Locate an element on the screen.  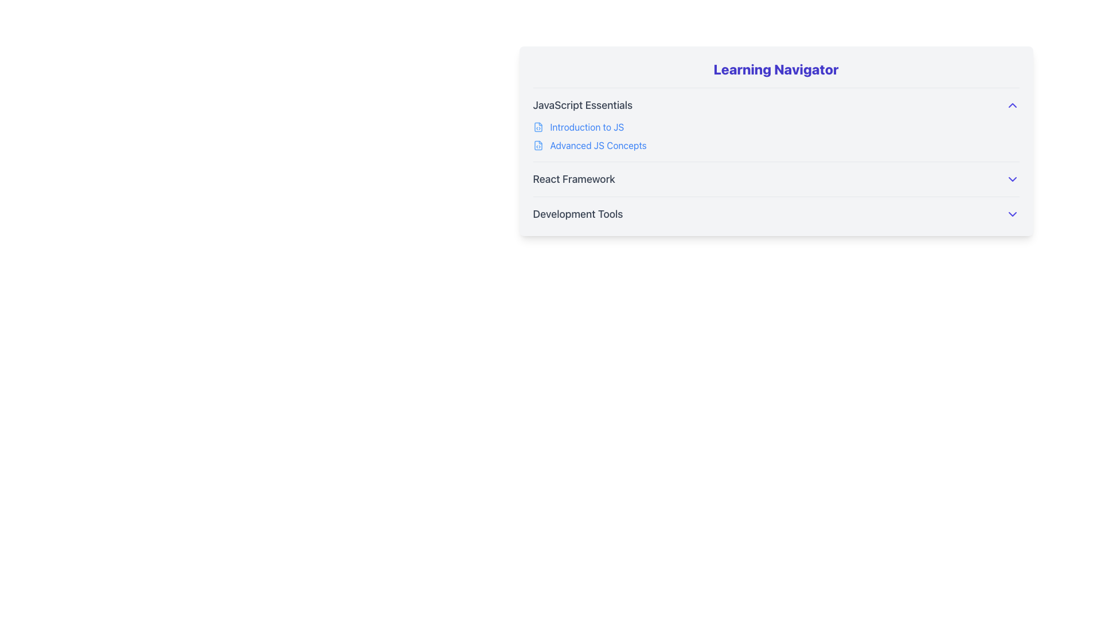
the first hyperlink in the 'JavaScript Essentials' section of the 'Learning Navigator' menu is located at coordinates (586, 127).